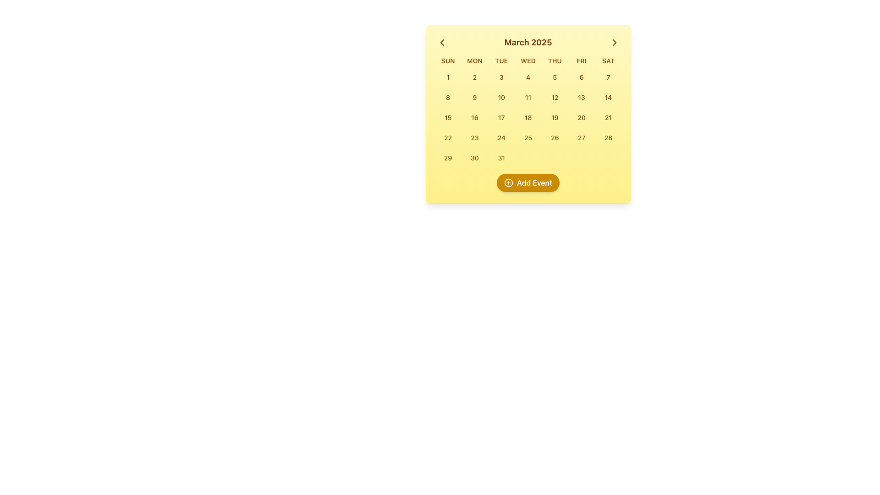 The image size is (880, 495). What do you see at coordinates (614, 42) in the screenshot?
I see `the rightmost button in the header section of the calendar UI` at bounding box center [614, 42].